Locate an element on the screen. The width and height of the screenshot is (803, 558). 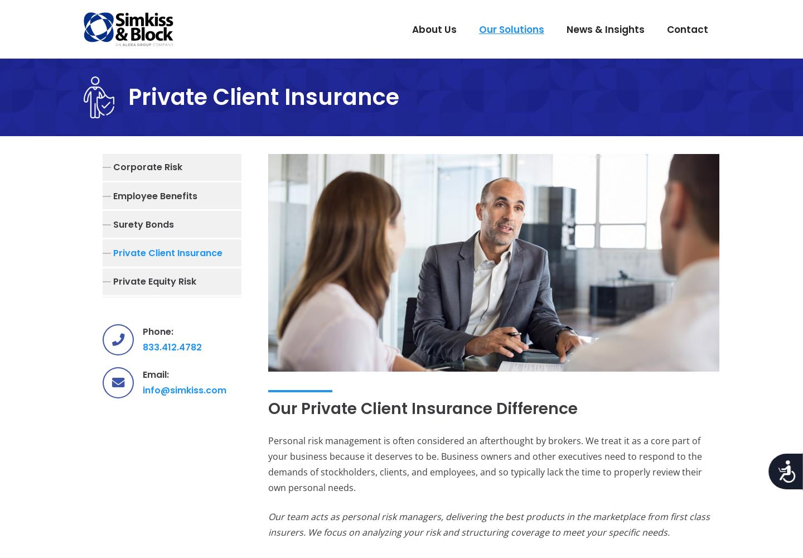
'Employee Benefits' is located at coordinates (113, 195).